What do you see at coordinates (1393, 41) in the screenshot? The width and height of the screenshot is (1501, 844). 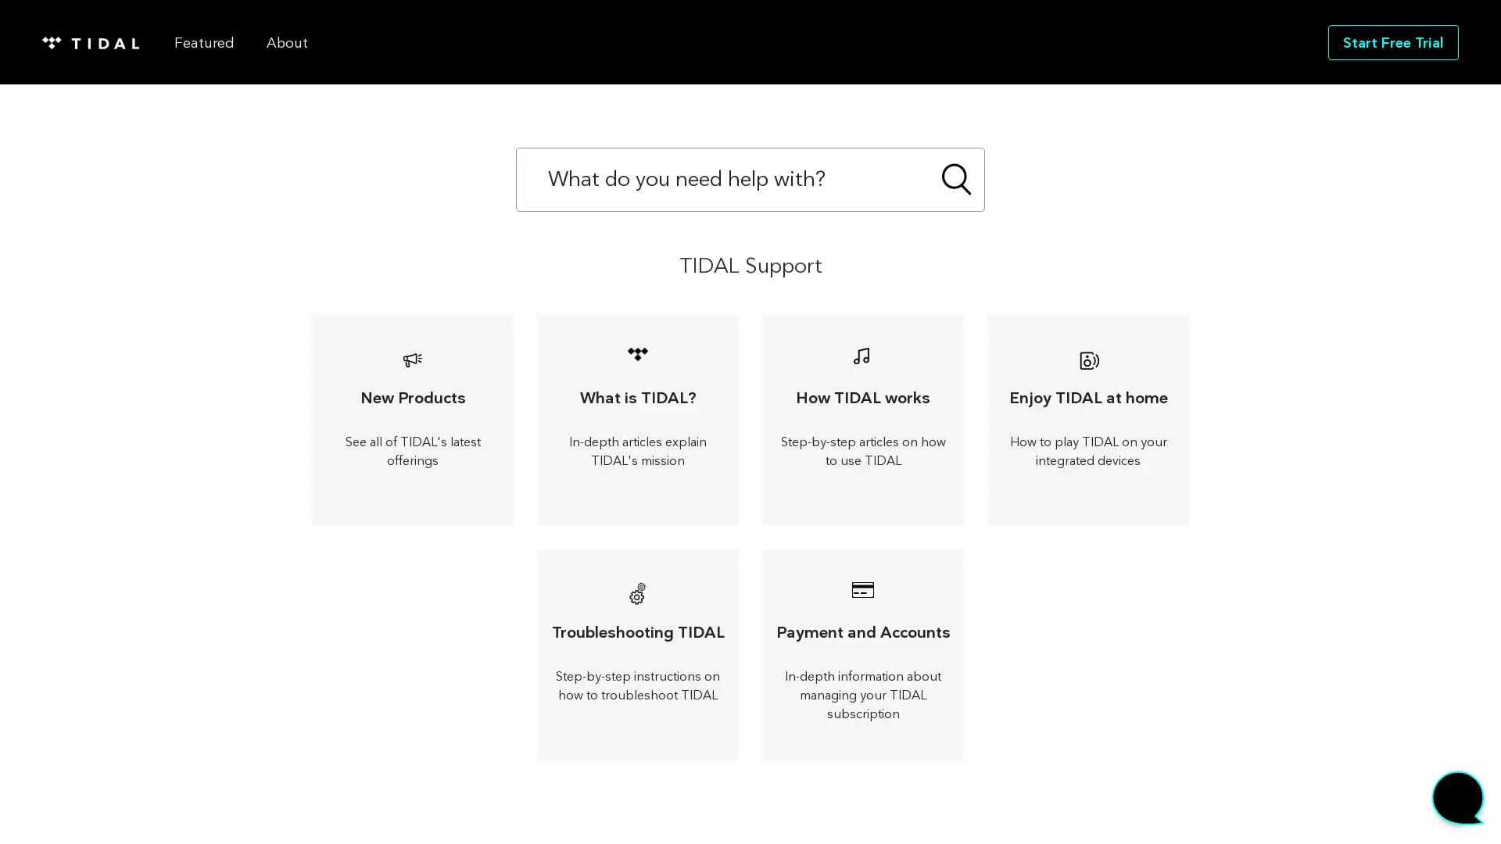 I see `Start Free Trial` at bounding box center [1393, 41].